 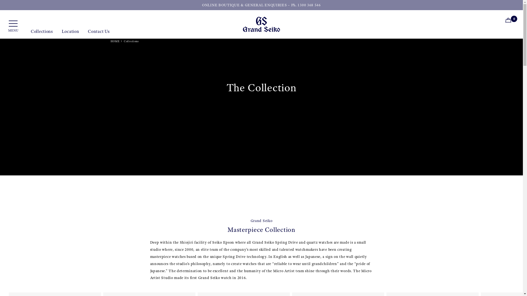 What do you see at coordinates (41, 34) in the screenshot?
I see `'Collections'` at bounding box center [41, 34].